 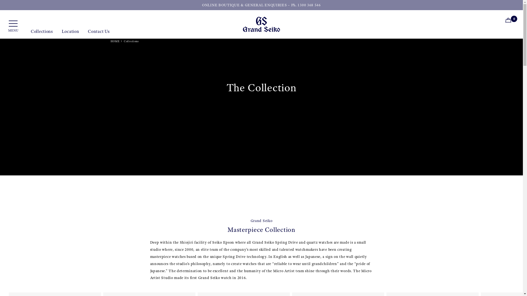 What do you see at coordinates (41, 34) in the screenshot?
I see `'Collections'` at bounding box center [41, 34].